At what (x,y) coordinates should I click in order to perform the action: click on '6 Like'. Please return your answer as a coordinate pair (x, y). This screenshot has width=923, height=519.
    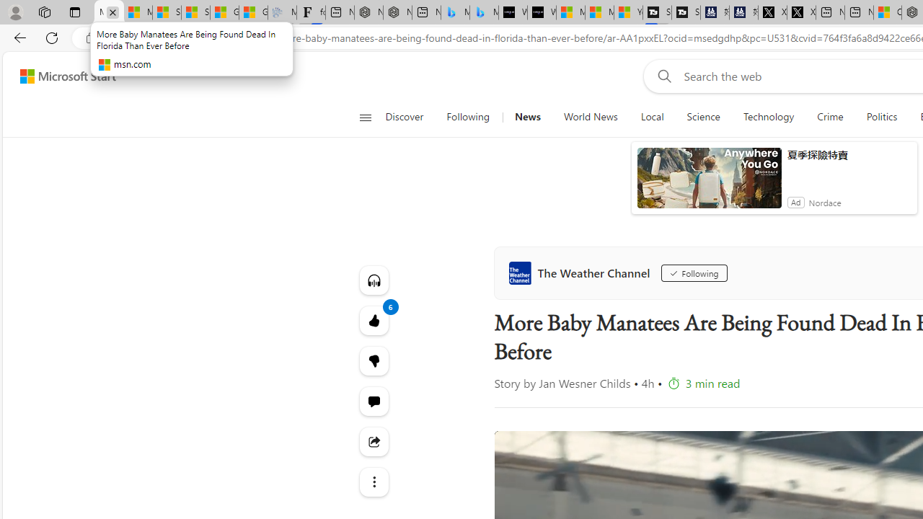
    Looking at the image, I should click on (374, 319).